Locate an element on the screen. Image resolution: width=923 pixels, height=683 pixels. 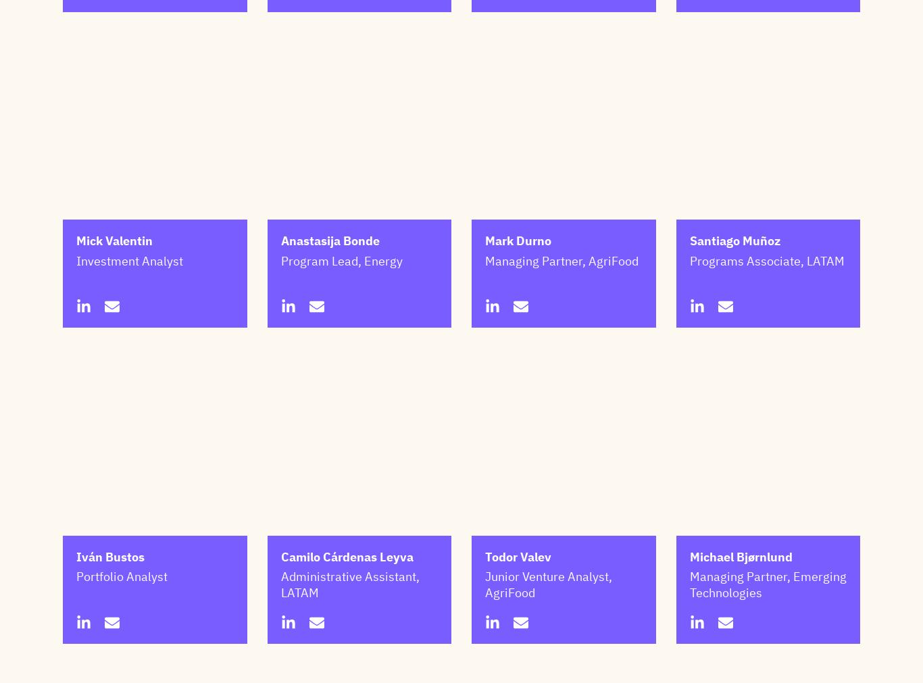
'Investment Analyst' is located at coordinates (76, 327).